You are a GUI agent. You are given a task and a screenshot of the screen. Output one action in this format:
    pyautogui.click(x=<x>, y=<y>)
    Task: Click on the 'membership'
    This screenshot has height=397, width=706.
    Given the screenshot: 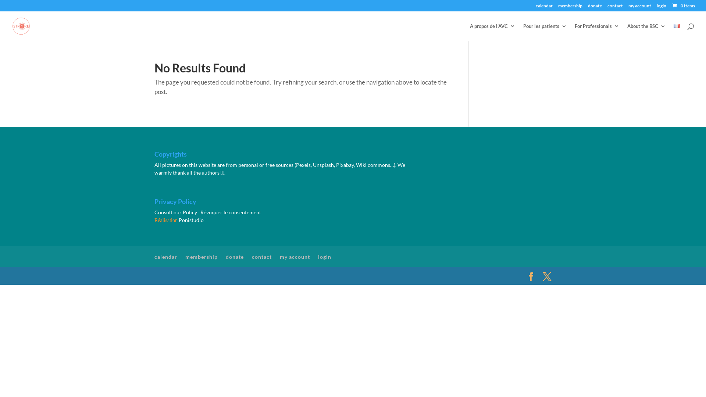 What is the action you would take?
    pyautogui.click(x=201, y=256)
    